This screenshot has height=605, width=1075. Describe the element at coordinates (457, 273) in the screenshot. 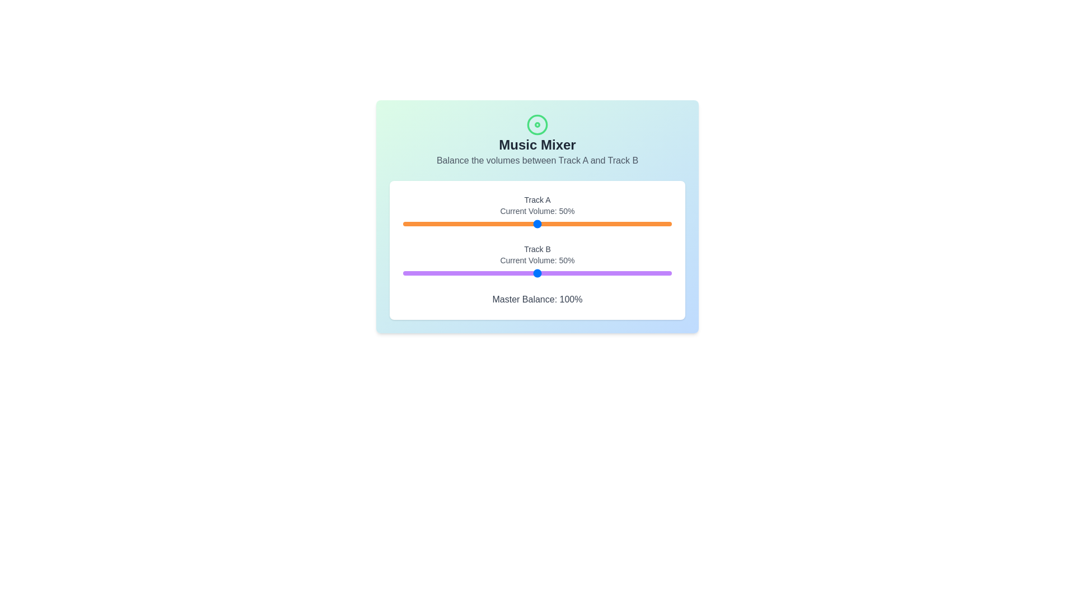

I see `the volume slider for Track B to 20%` at that location.